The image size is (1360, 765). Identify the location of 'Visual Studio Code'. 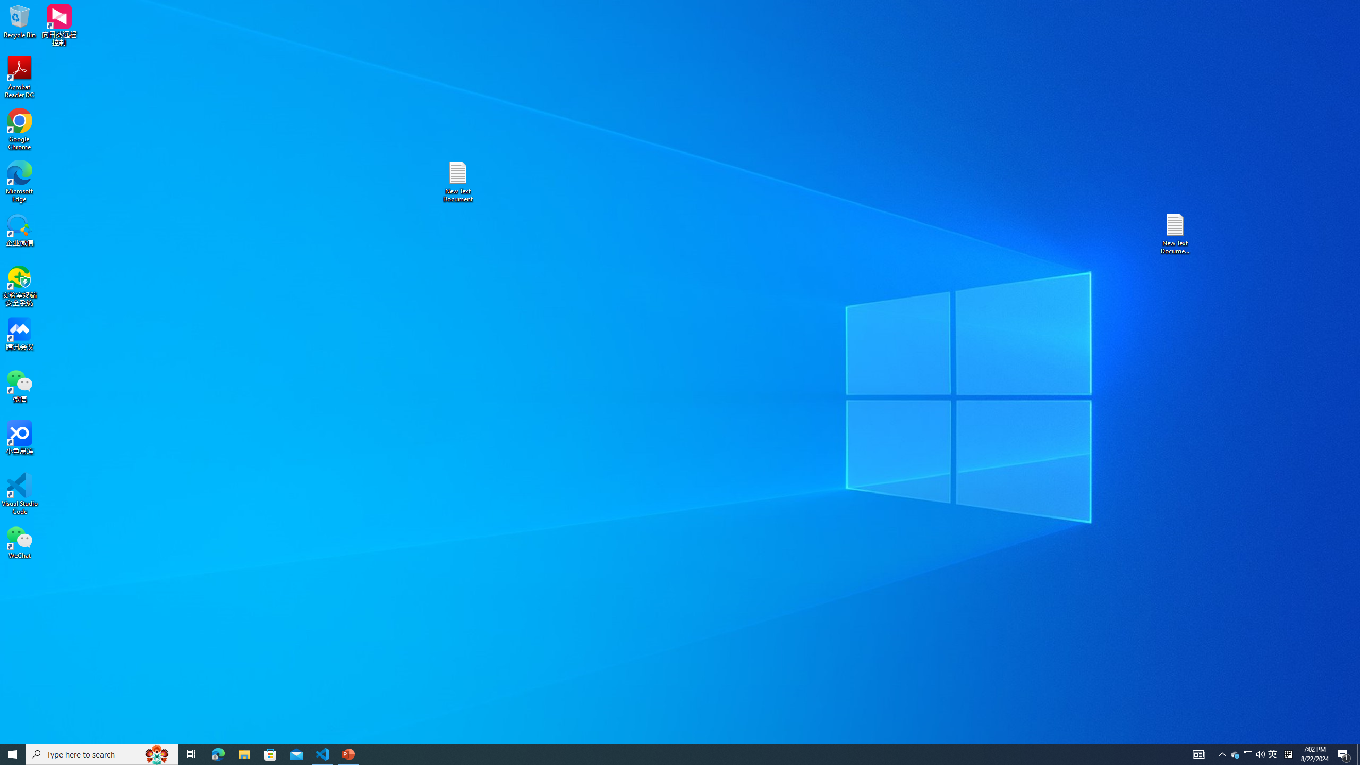
(19, 493).